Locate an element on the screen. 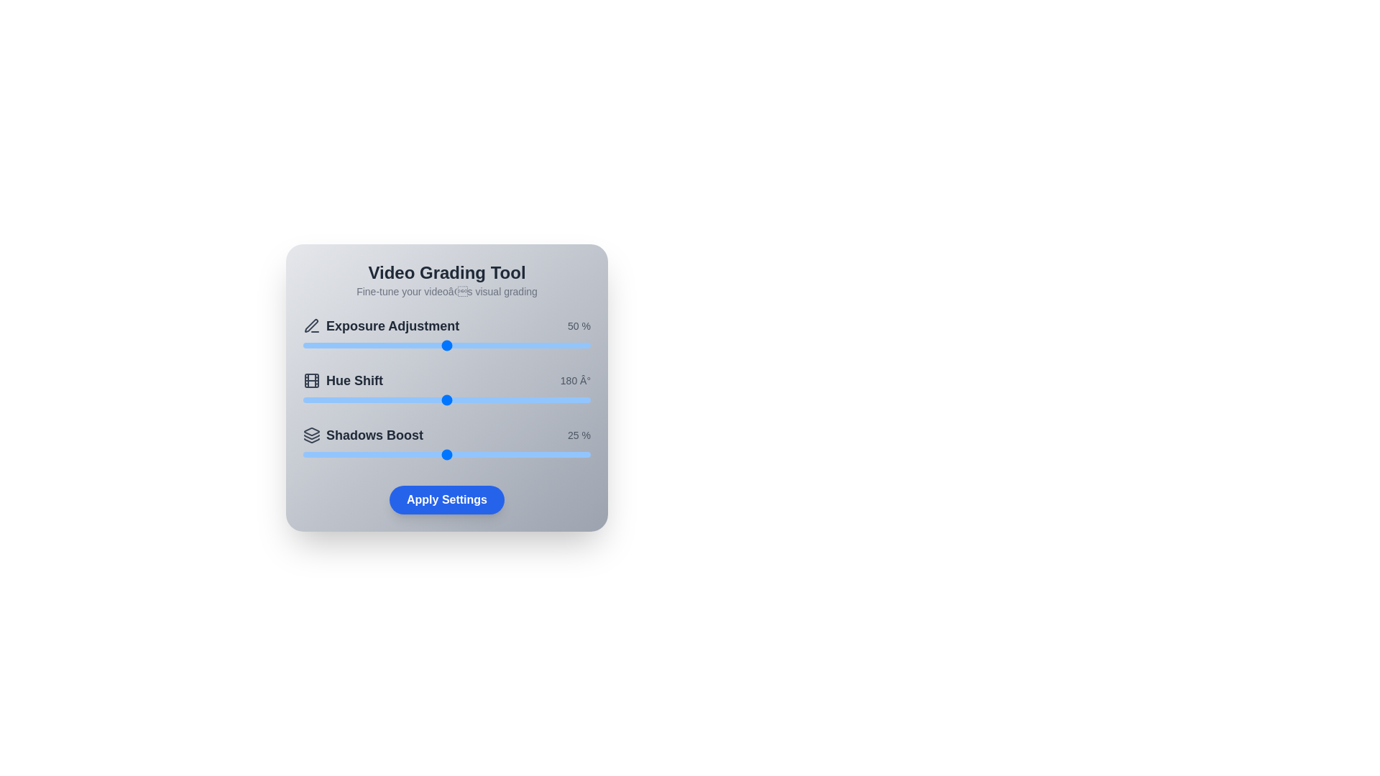 This screenshot has width=1380, height=776. the slider track to set a specific hue shifting value, which allows the user to adjust the hue between 0 to 360 degrees is located at coordinates (446, 389).